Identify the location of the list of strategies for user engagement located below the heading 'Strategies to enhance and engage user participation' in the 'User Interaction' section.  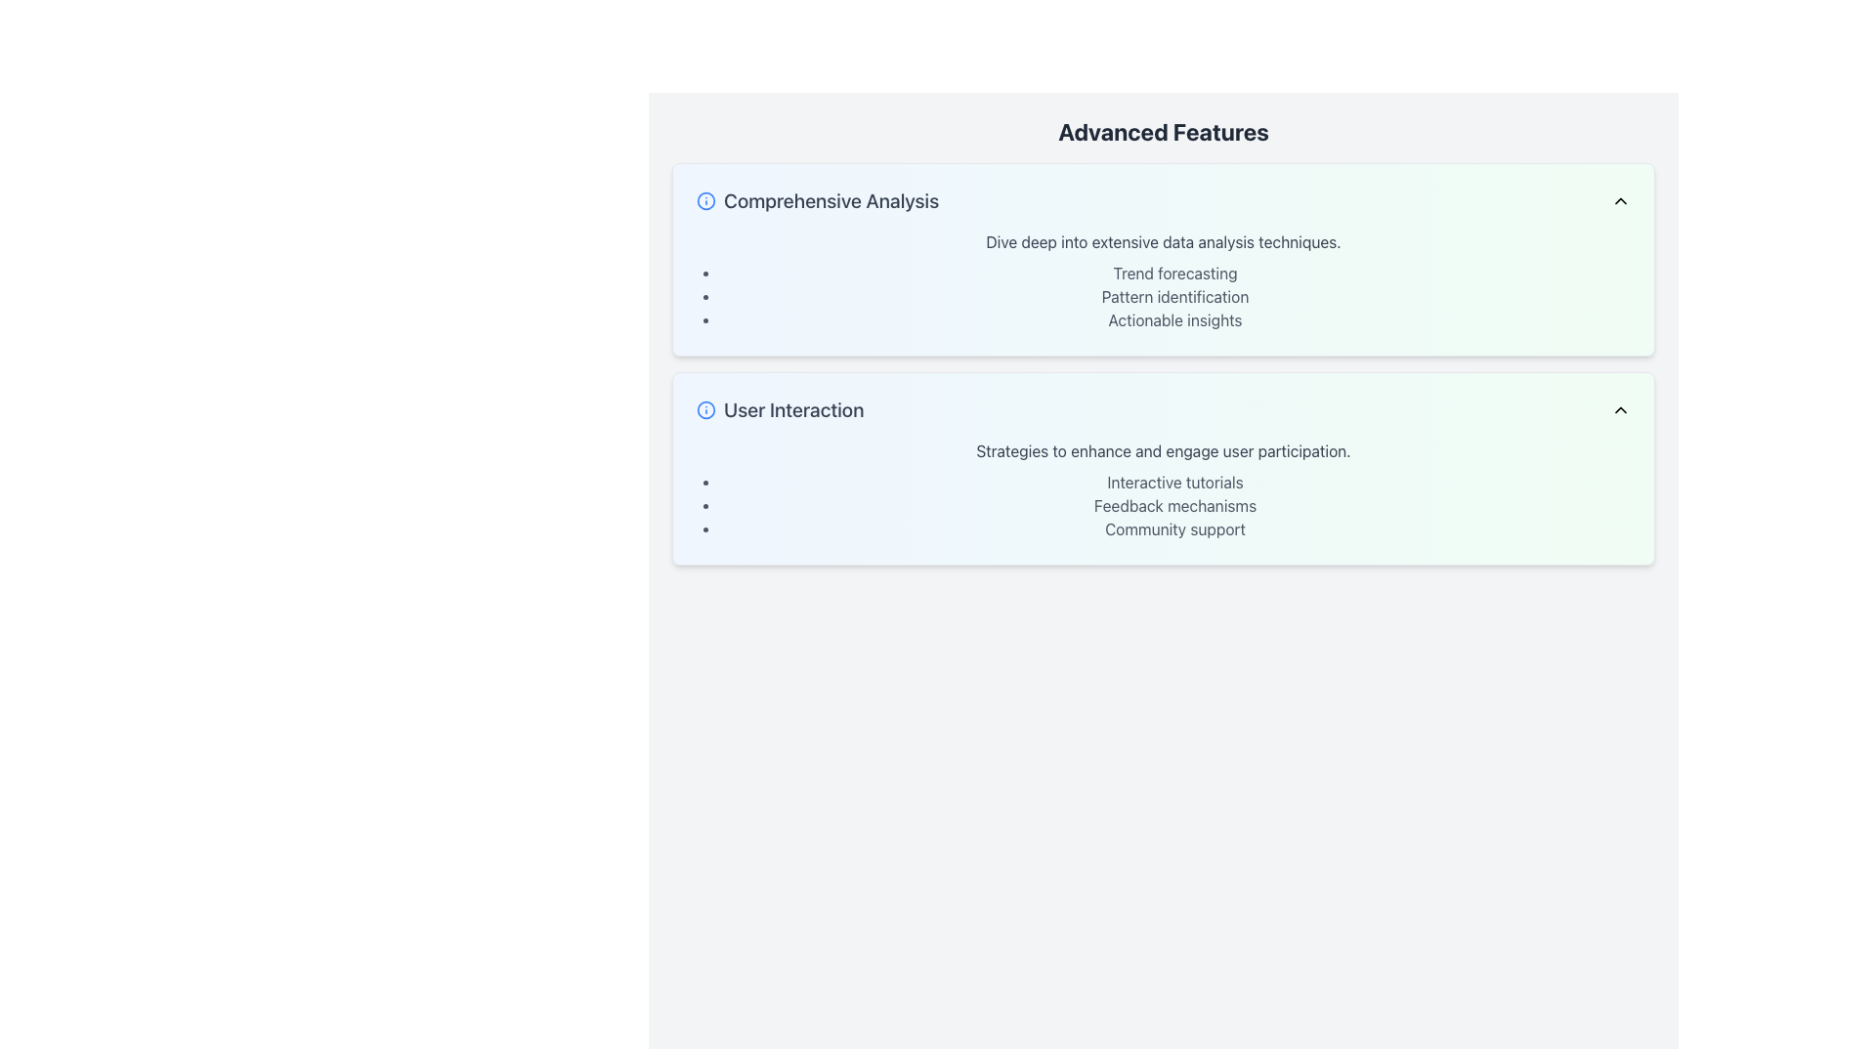
(1163, 504).